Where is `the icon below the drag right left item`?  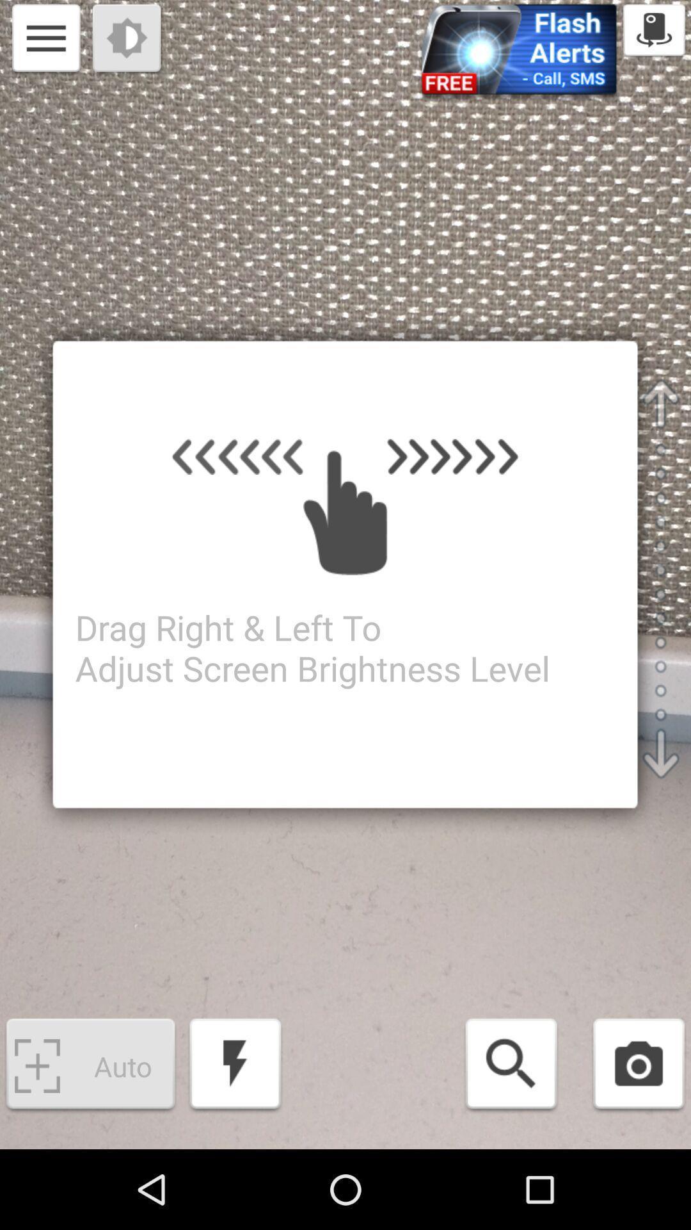
the icon below the drag right left item is located at coordinates (235, 1066).